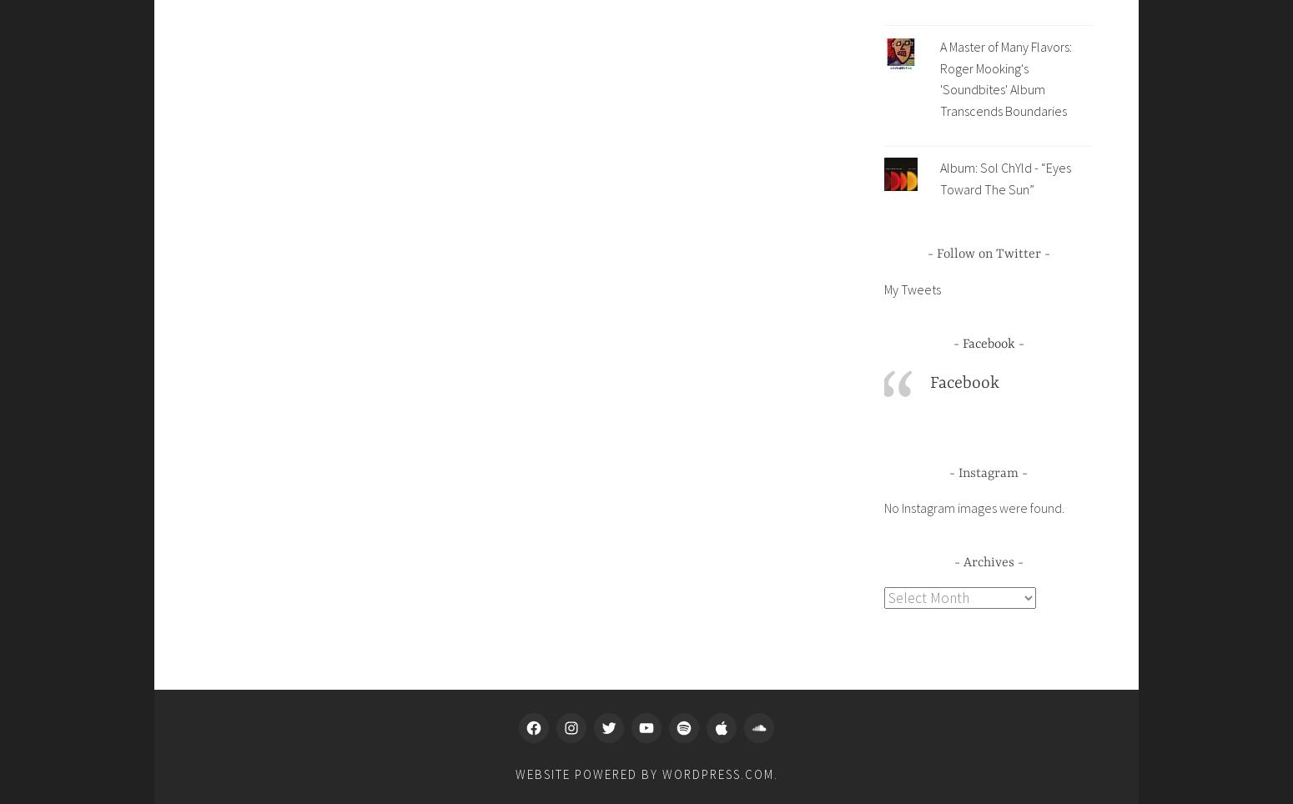  What do you see at coordinates (988, 561) in the screenshot?
I see `'Archives'` at bounding box center [988, 561].